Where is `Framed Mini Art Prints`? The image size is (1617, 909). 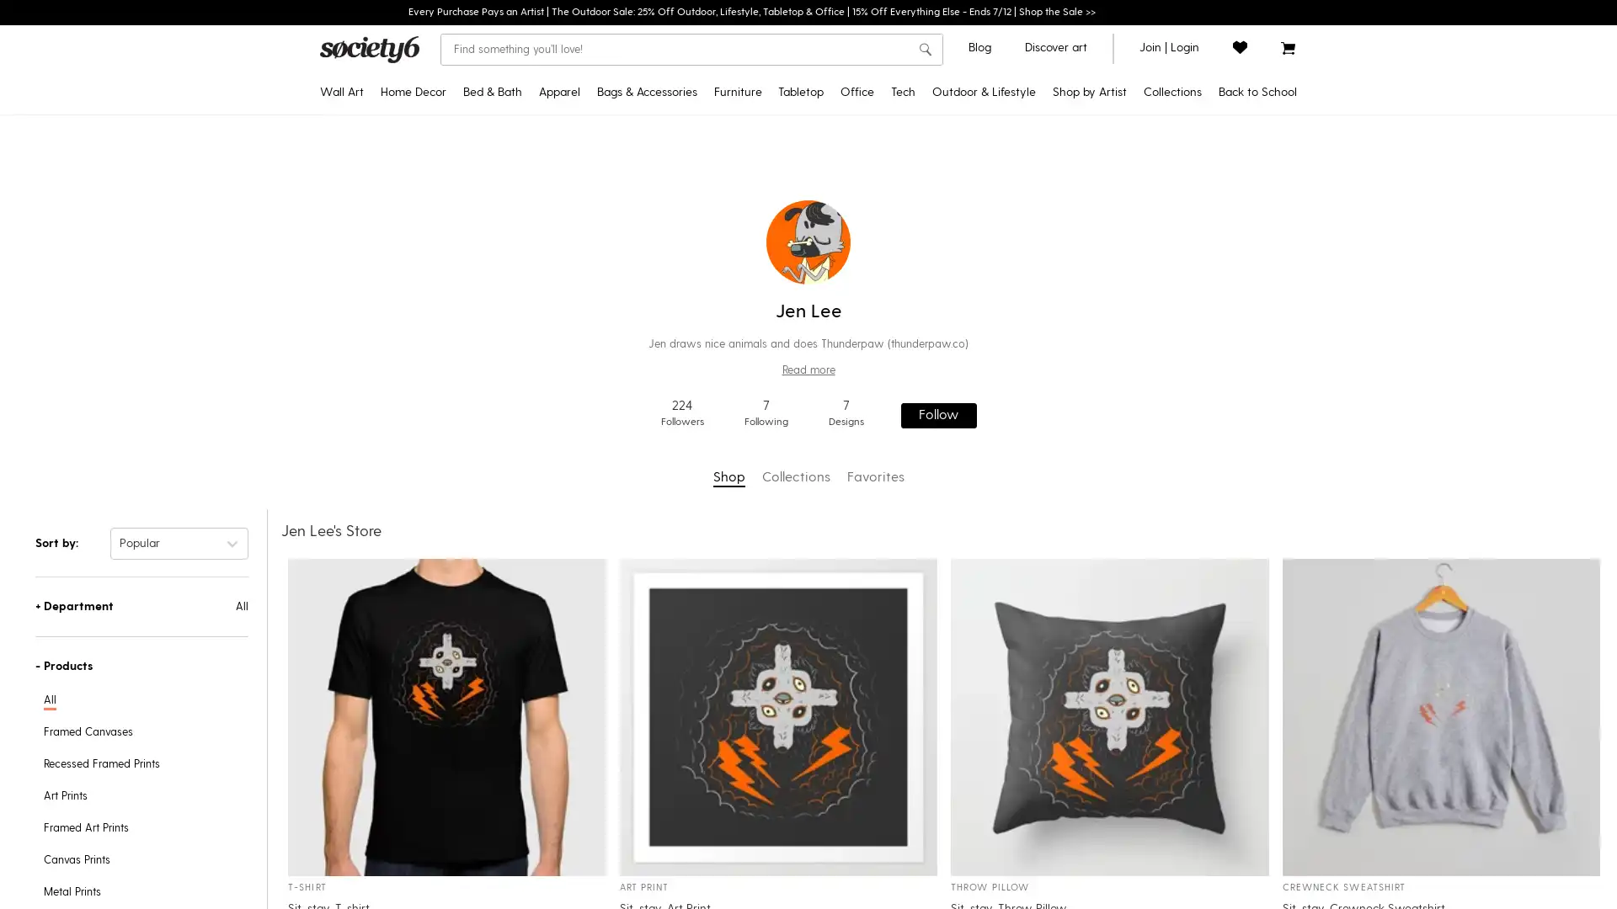
Framed Mini Art Prints is located at coordinates (396, 460).